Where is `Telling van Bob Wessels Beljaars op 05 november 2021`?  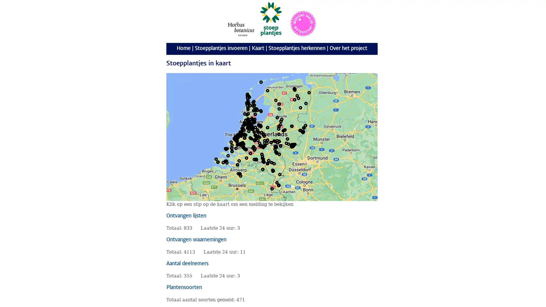
Telling van Bob Wessels Beljaars op 05 november 2021 is located at coordinates (309, 92).